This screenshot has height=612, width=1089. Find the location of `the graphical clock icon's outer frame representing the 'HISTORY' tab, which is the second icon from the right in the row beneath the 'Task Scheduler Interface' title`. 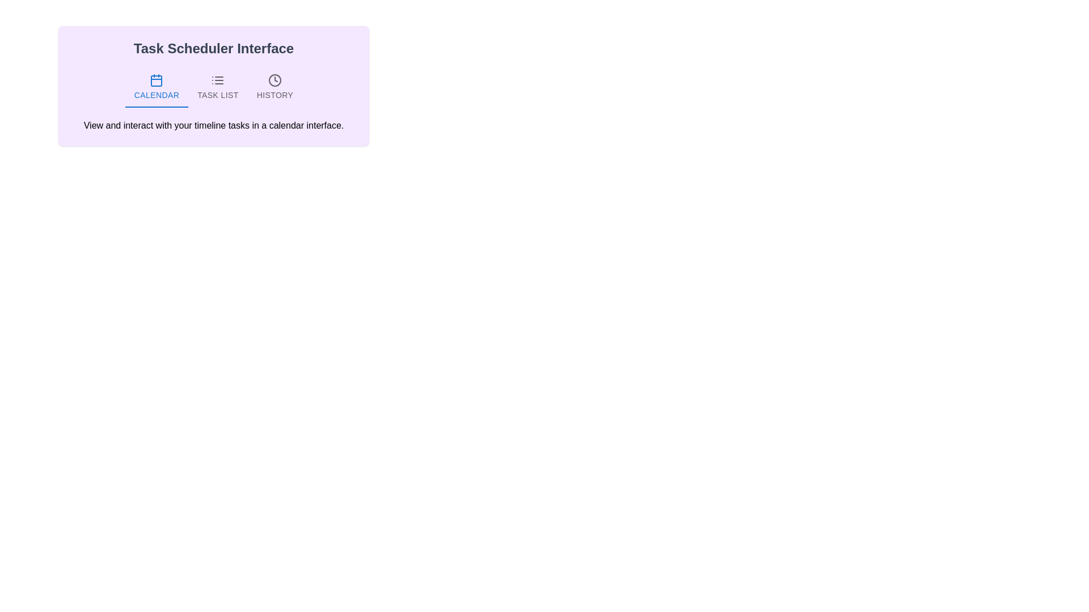

the graphical clock icon's outer frame representing the 'HISTORY' tab, which is the second icon from the right in the row beneath the 'Task Scheduler Interface' title is located at coordinates (275, 80).